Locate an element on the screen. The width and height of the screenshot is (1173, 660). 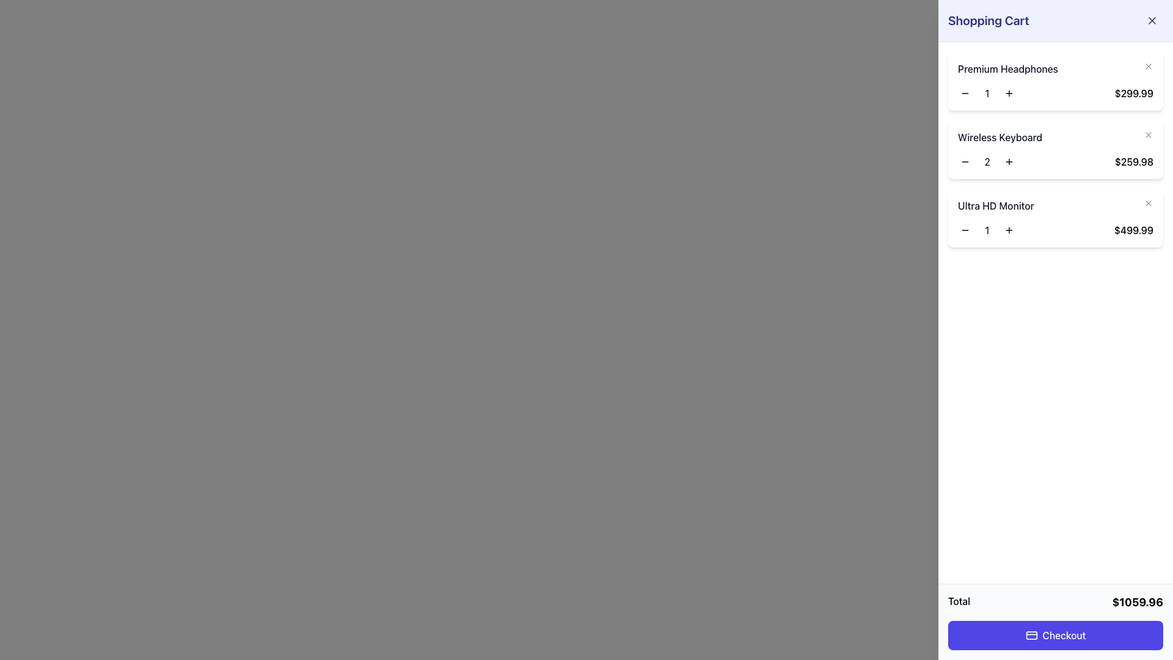
the close button located in the upper-right corner of the shopping cart interface is located at coordinates (1152, 21).